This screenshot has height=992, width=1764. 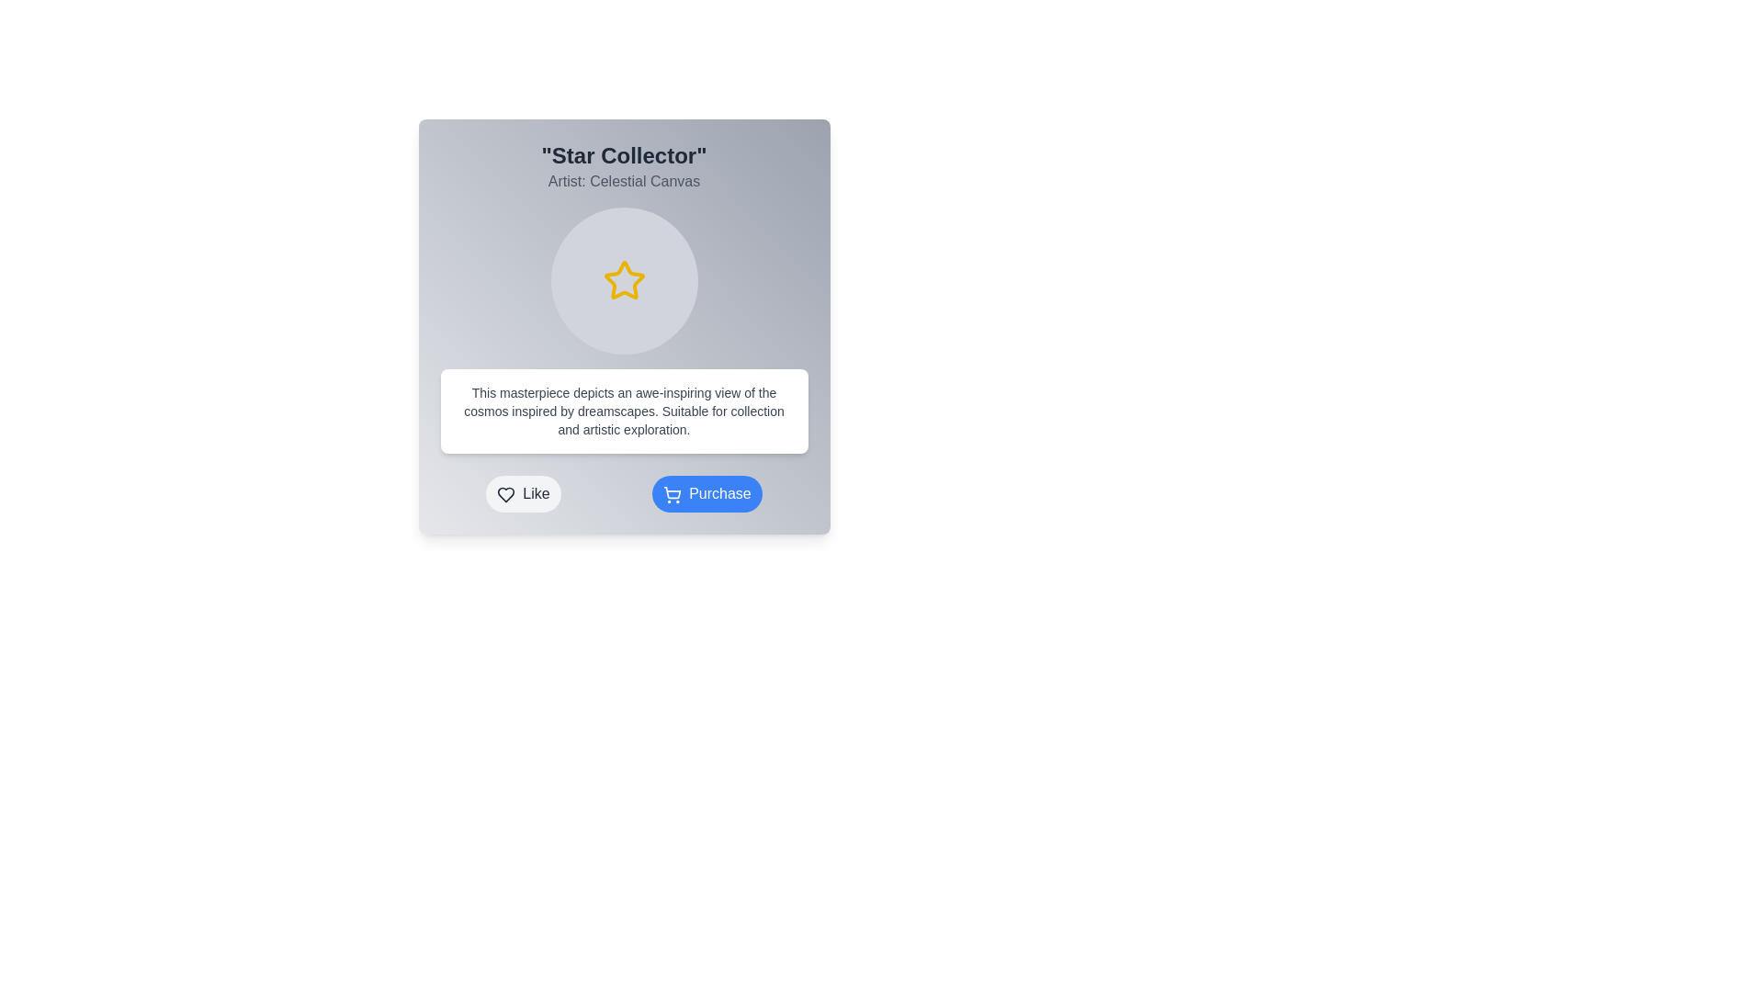 What do you see at coordinates (624, 280) in the screenshot?
I see `the Decorative icon located at the center of the card, beneath the title 'Star Collector' and above the descriptive text block` at bounding box center [624, 280].